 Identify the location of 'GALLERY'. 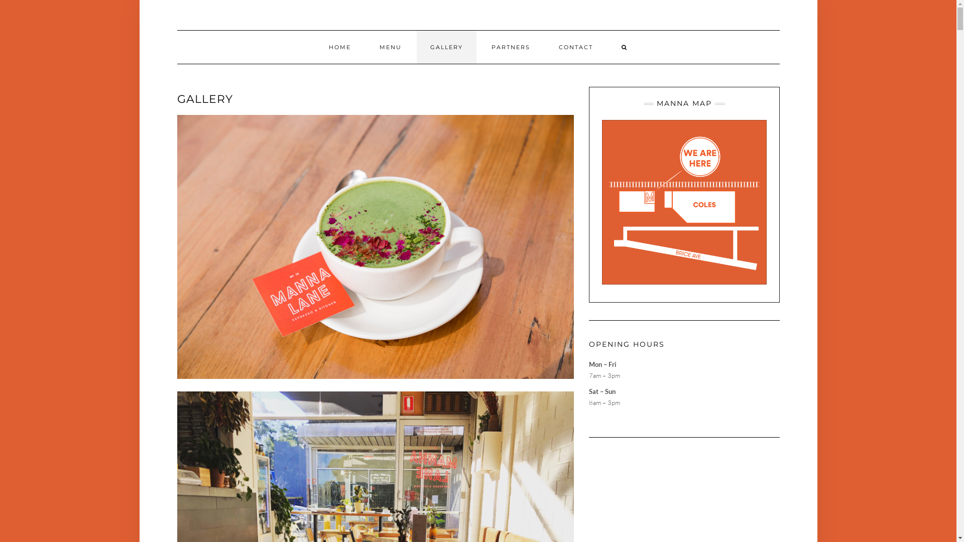
(417, 47).